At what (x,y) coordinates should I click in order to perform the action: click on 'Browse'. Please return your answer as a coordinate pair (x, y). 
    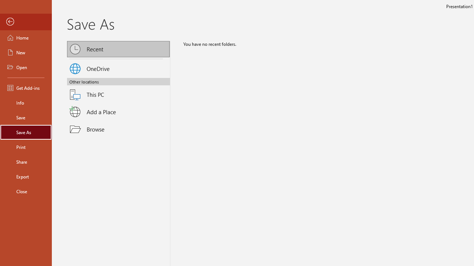
    Looking at the image, I should click on (118, 129).